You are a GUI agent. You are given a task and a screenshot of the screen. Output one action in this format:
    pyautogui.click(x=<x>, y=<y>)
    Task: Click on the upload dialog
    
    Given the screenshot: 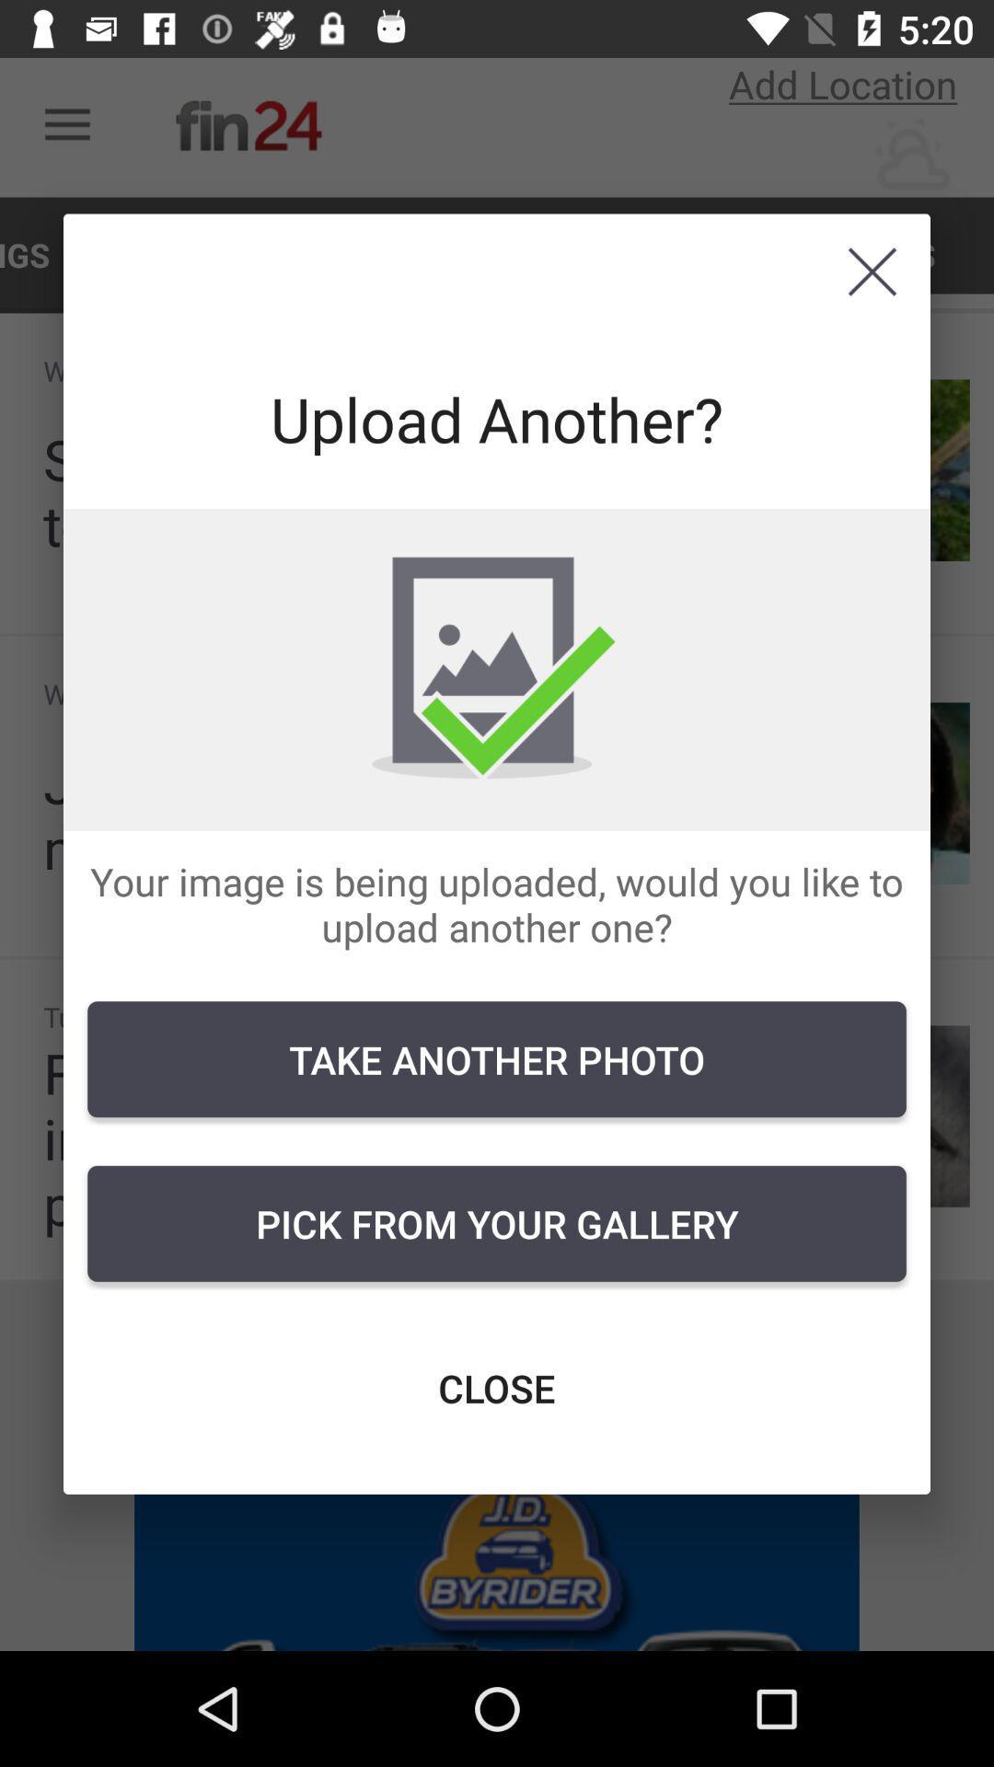 What is the action you would take?
    pyautogui.click(x=872, y=271)
    